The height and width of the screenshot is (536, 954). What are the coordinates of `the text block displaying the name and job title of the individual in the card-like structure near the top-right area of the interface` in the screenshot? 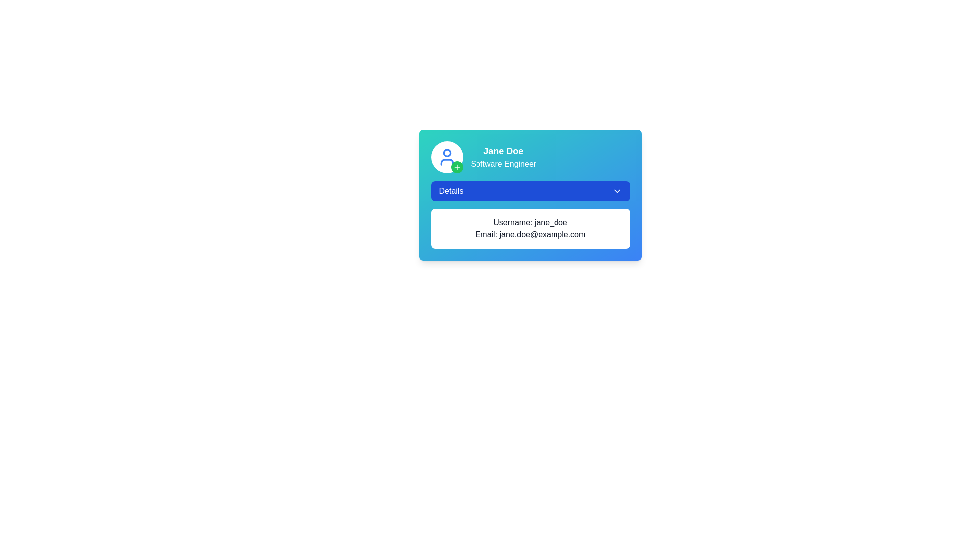 It's located at (503, 156).